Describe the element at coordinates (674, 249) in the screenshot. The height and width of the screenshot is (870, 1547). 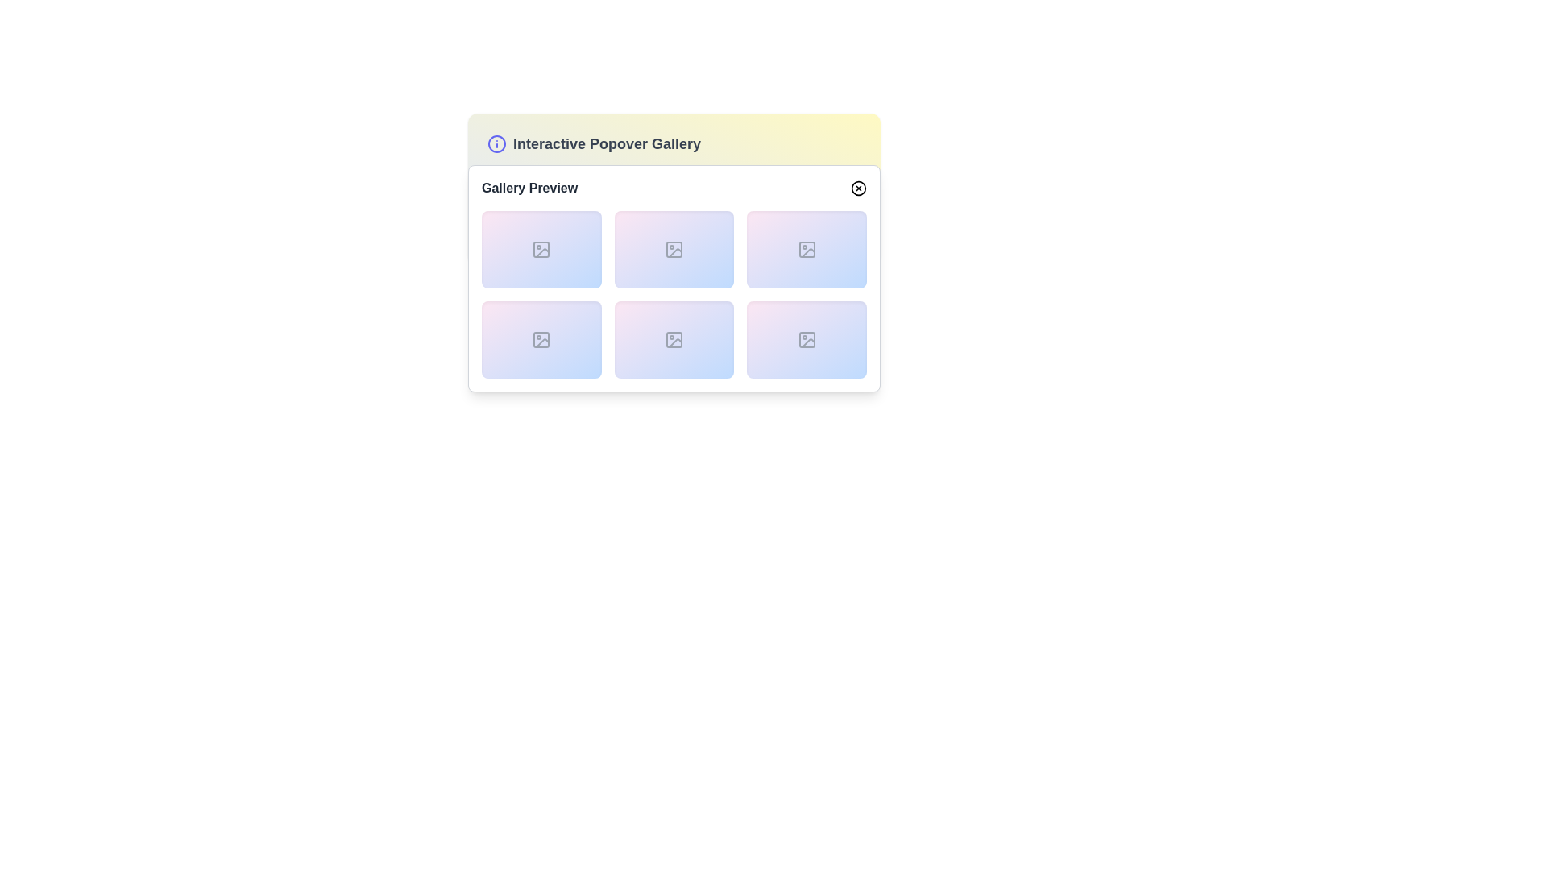
I see `the image placeholder icon located in the first row, second column of the gallery interface` at that location.